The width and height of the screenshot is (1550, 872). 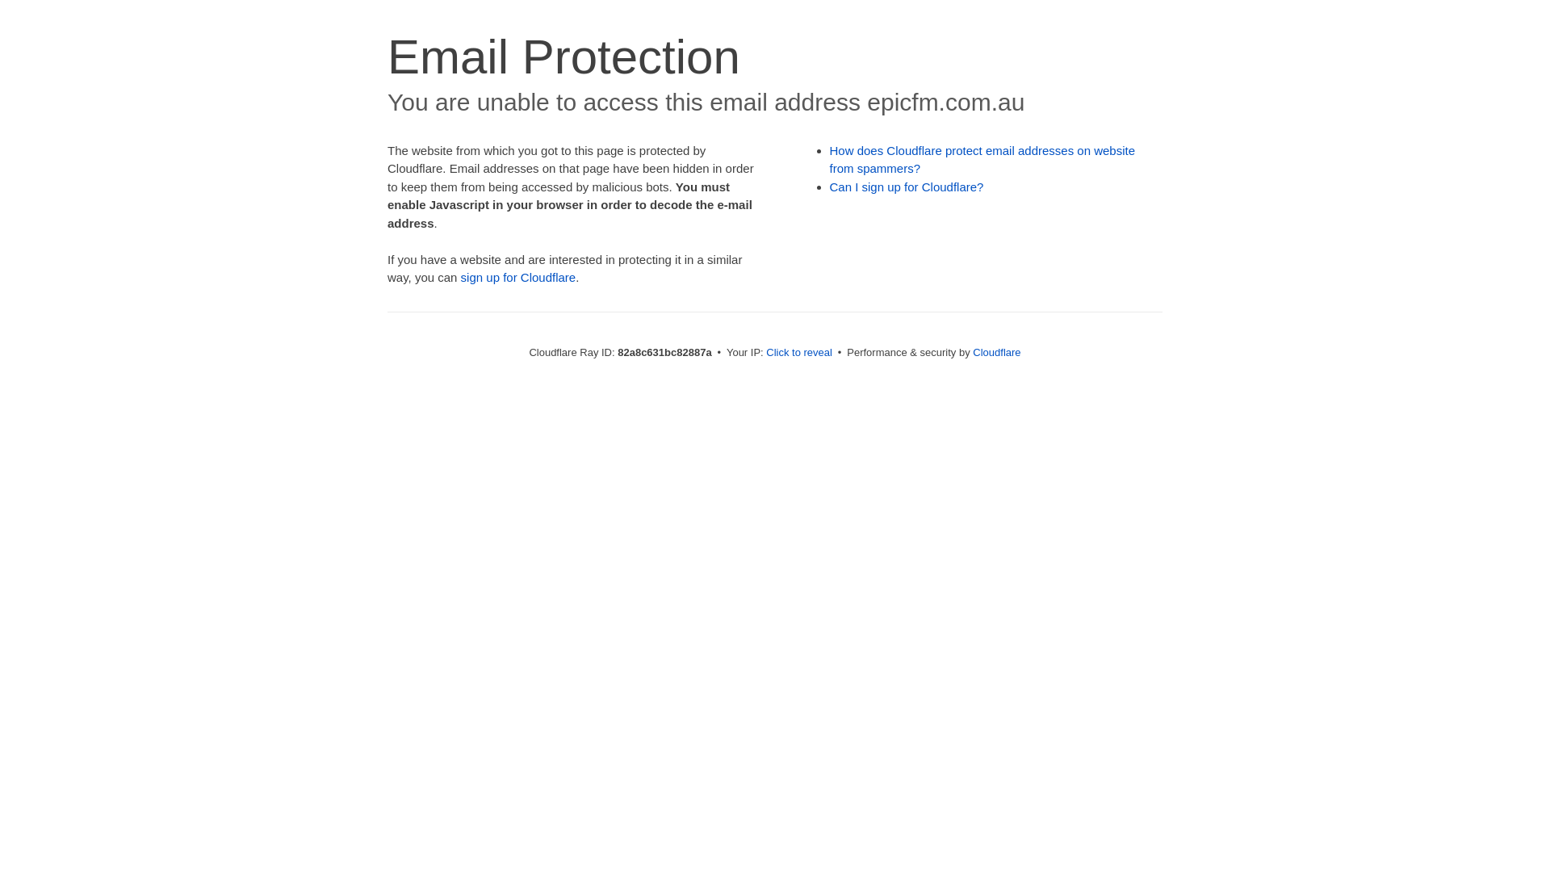 I want to click on 'Click to reveal', so click(x=765, y=351).